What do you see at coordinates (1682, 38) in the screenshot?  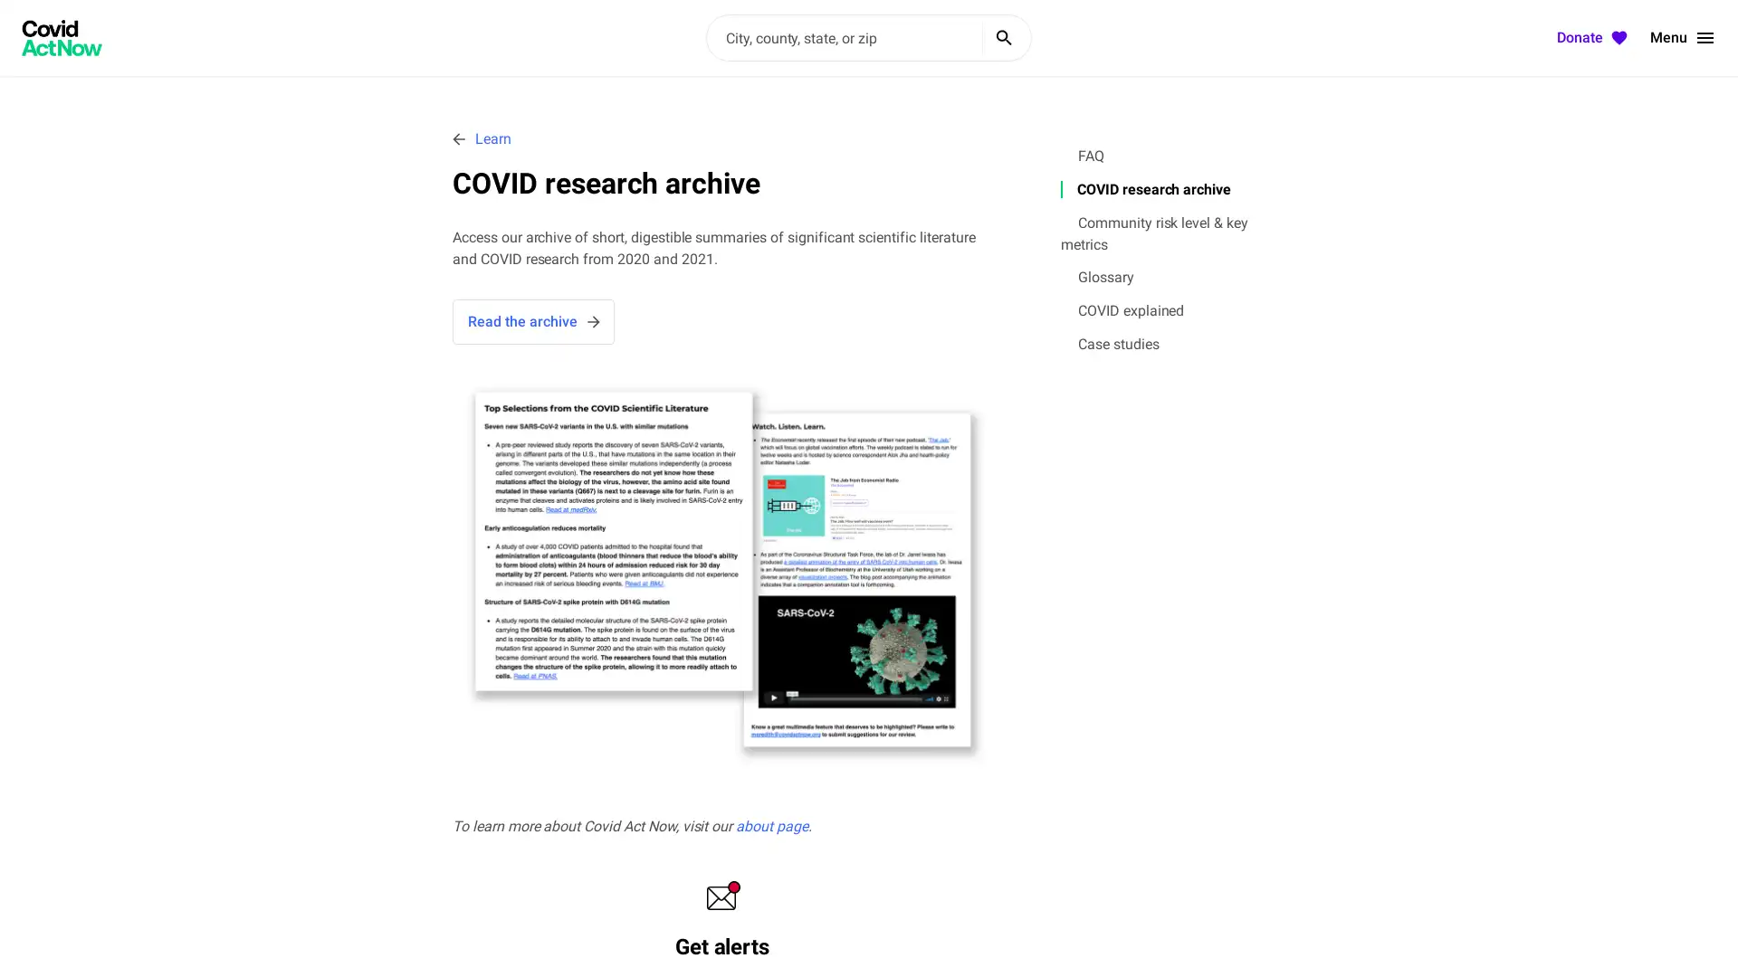 I see `Menu` at bounding box center [1682, 38].